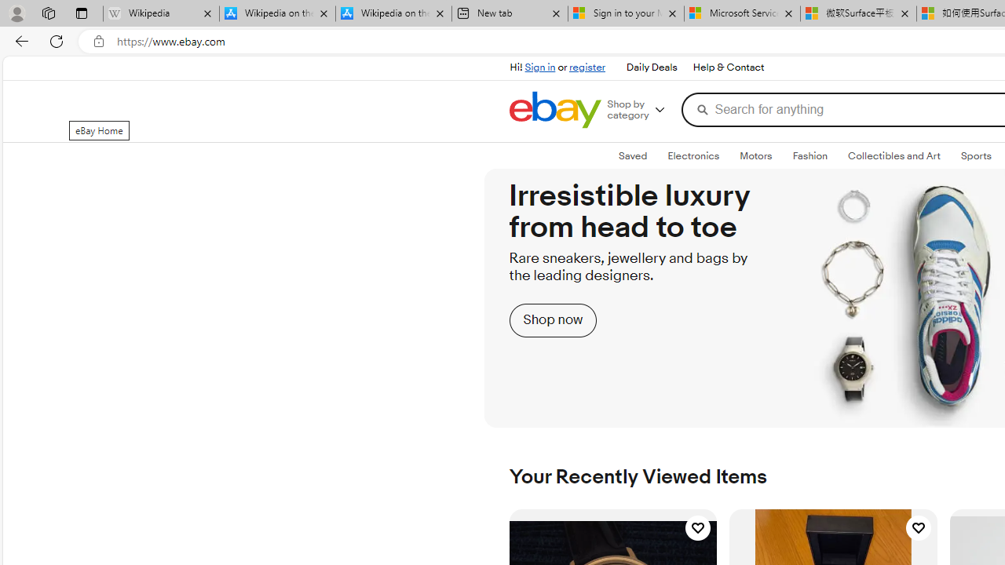  Describe the element at coordinates (741, 13) in the screenshot. I see `'Microsoft Services Agreement'` at that location.